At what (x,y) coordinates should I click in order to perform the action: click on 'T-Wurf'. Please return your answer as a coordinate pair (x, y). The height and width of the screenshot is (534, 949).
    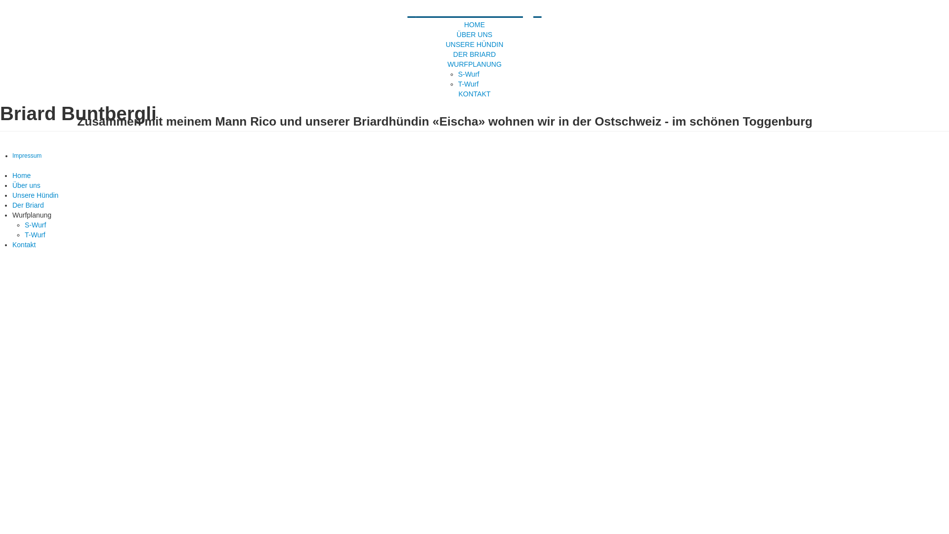
    Looking at the image, I should click on (468, 83).